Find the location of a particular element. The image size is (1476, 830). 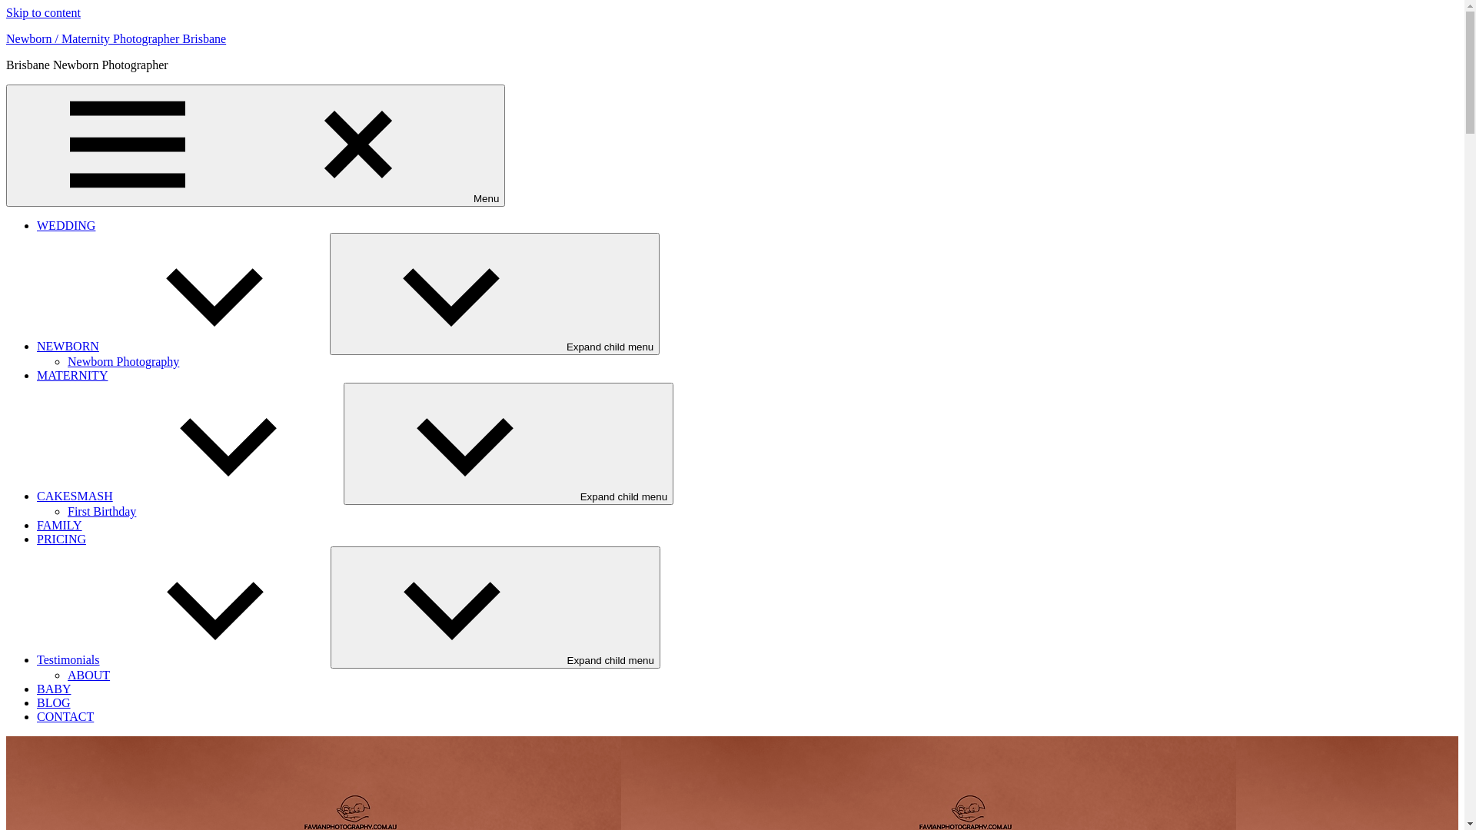

'Testimonials' is located at coordinates (184, 659).